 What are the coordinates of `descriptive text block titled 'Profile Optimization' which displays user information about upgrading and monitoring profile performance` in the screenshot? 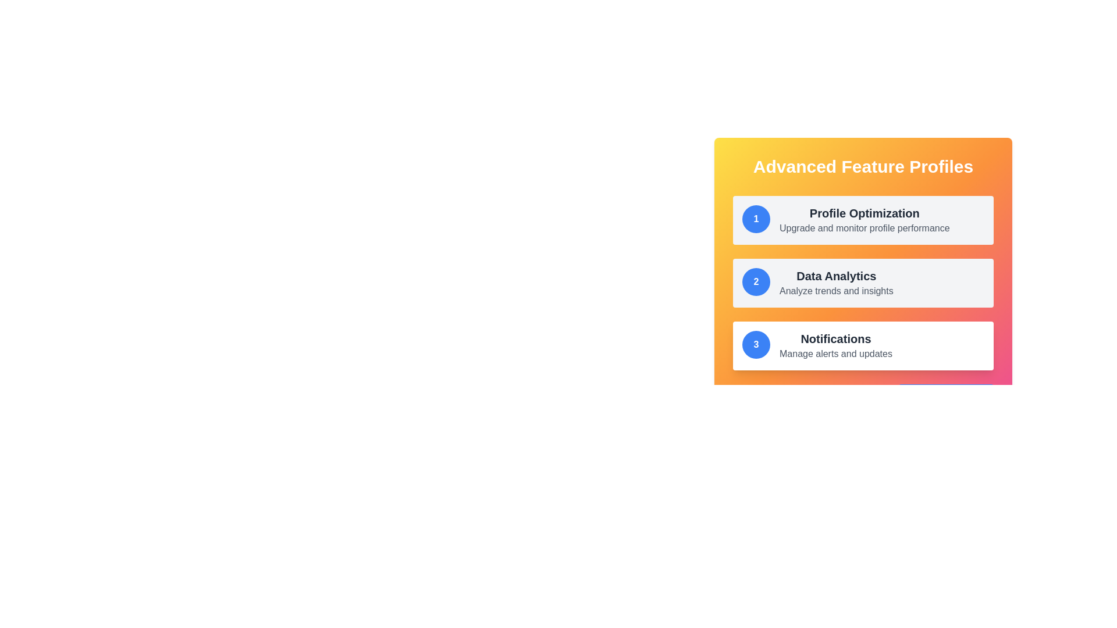 It's located at (865, 220).